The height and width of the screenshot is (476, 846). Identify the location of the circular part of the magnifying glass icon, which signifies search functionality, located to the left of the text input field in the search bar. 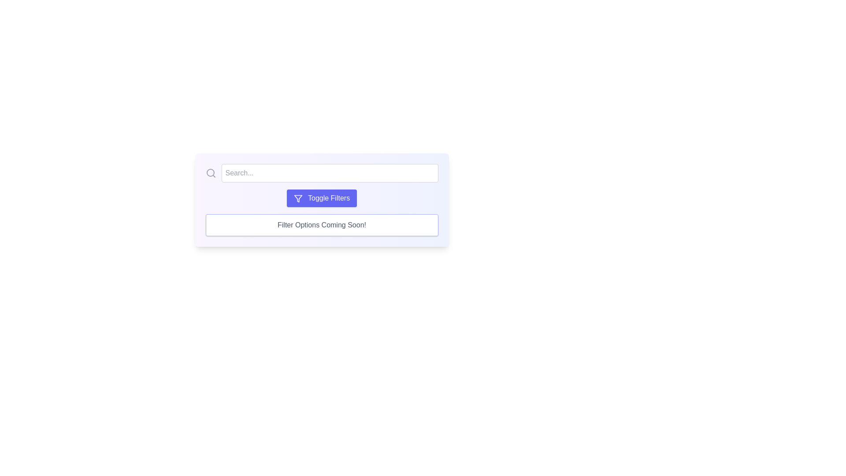
(210, 173).